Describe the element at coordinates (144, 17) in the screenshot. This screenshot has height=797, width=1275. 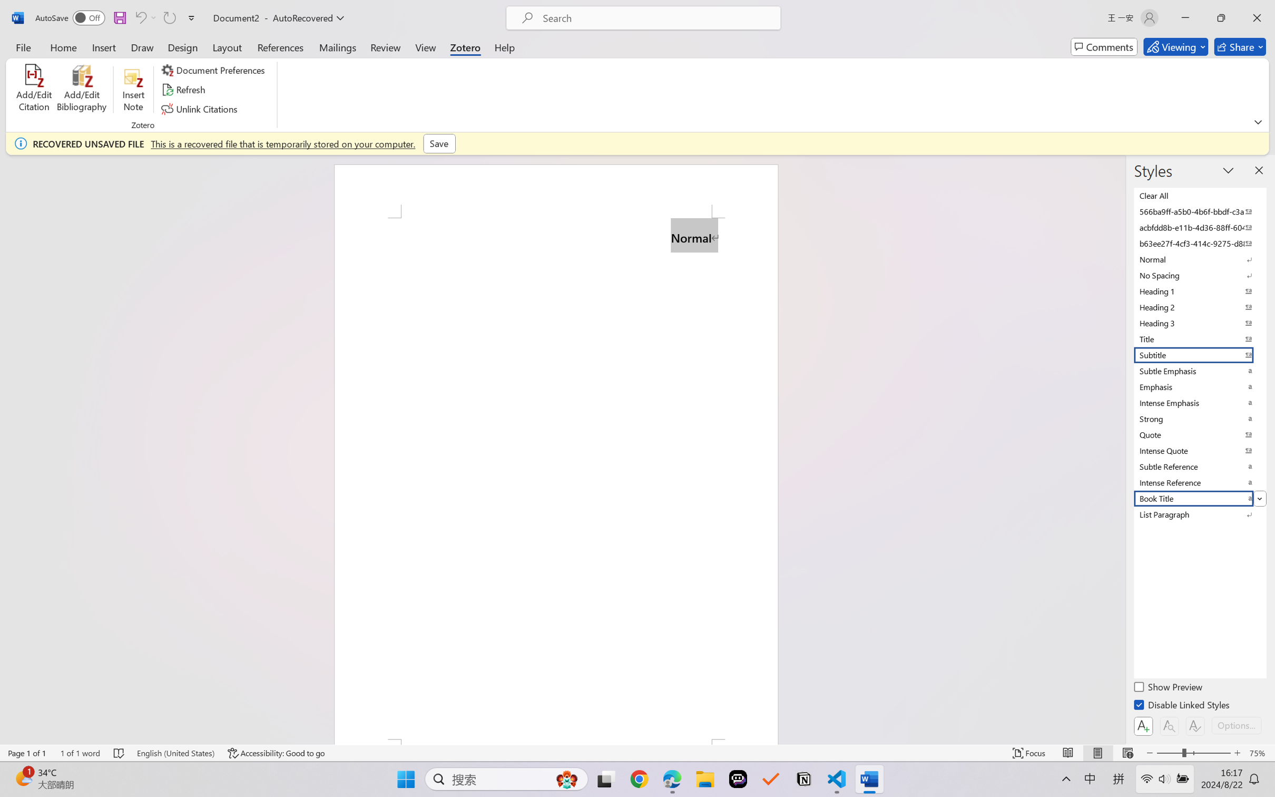
I see `'Can'` at that location.